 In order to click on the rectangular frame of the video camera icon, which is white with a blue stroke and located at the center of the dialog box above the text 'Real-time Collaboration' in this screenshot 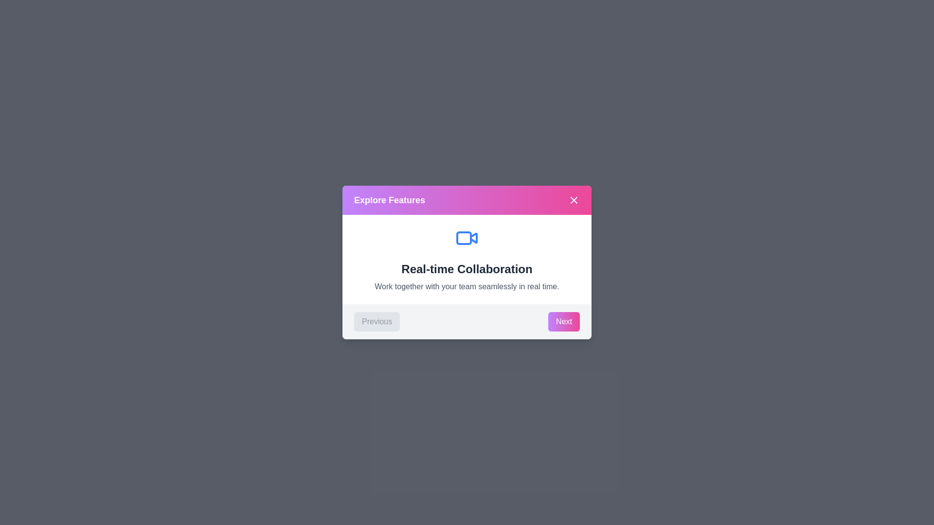, I will do `click(464, 238)`.